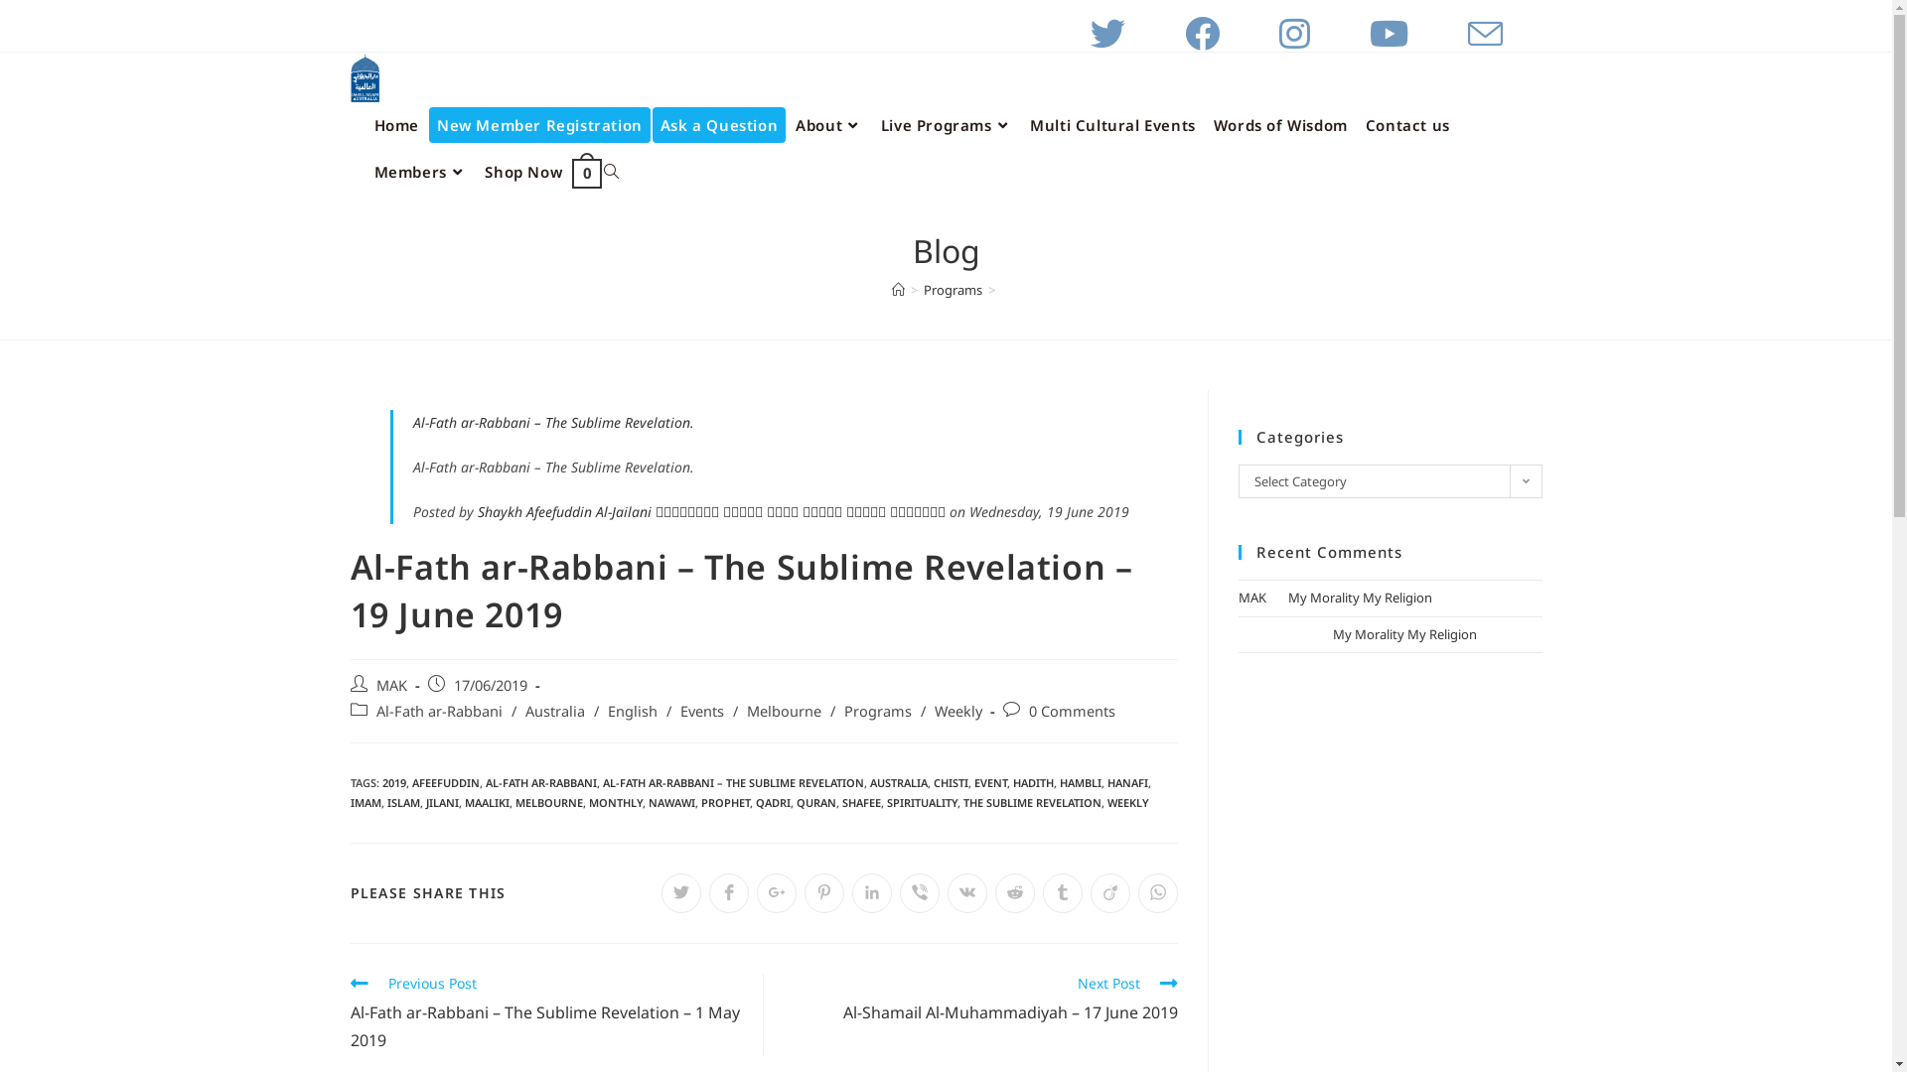 Image resolution: width=1907 pixels, height=1072 pixels. I want to click on 'Live Programs', so click(946, 125).